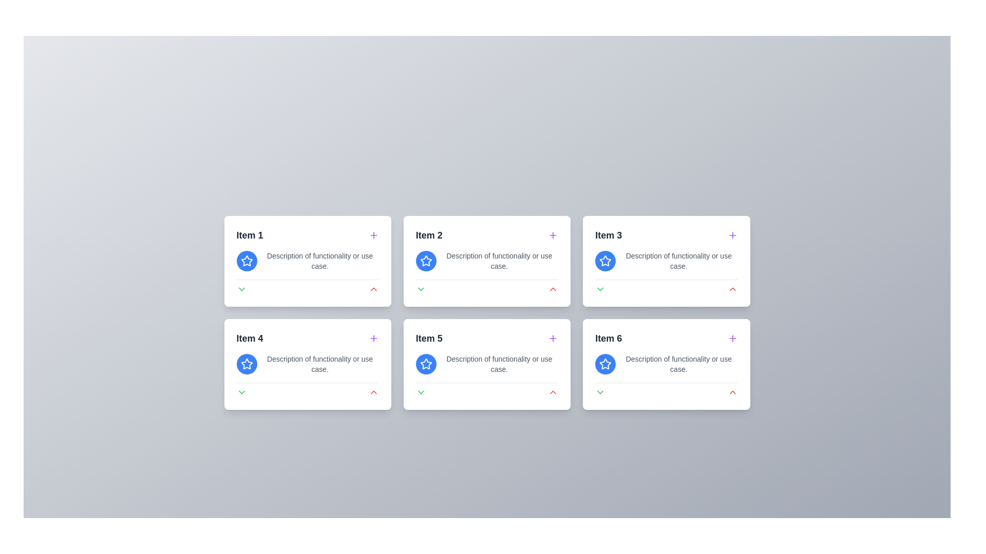  Describe the element at coordinates (426, 363) in the screenshot. I see `the star-shaped icon with a white outline and solid blue background located at the top-left of the rectangular card labeled 'Item 5' to interact with it` at that location.